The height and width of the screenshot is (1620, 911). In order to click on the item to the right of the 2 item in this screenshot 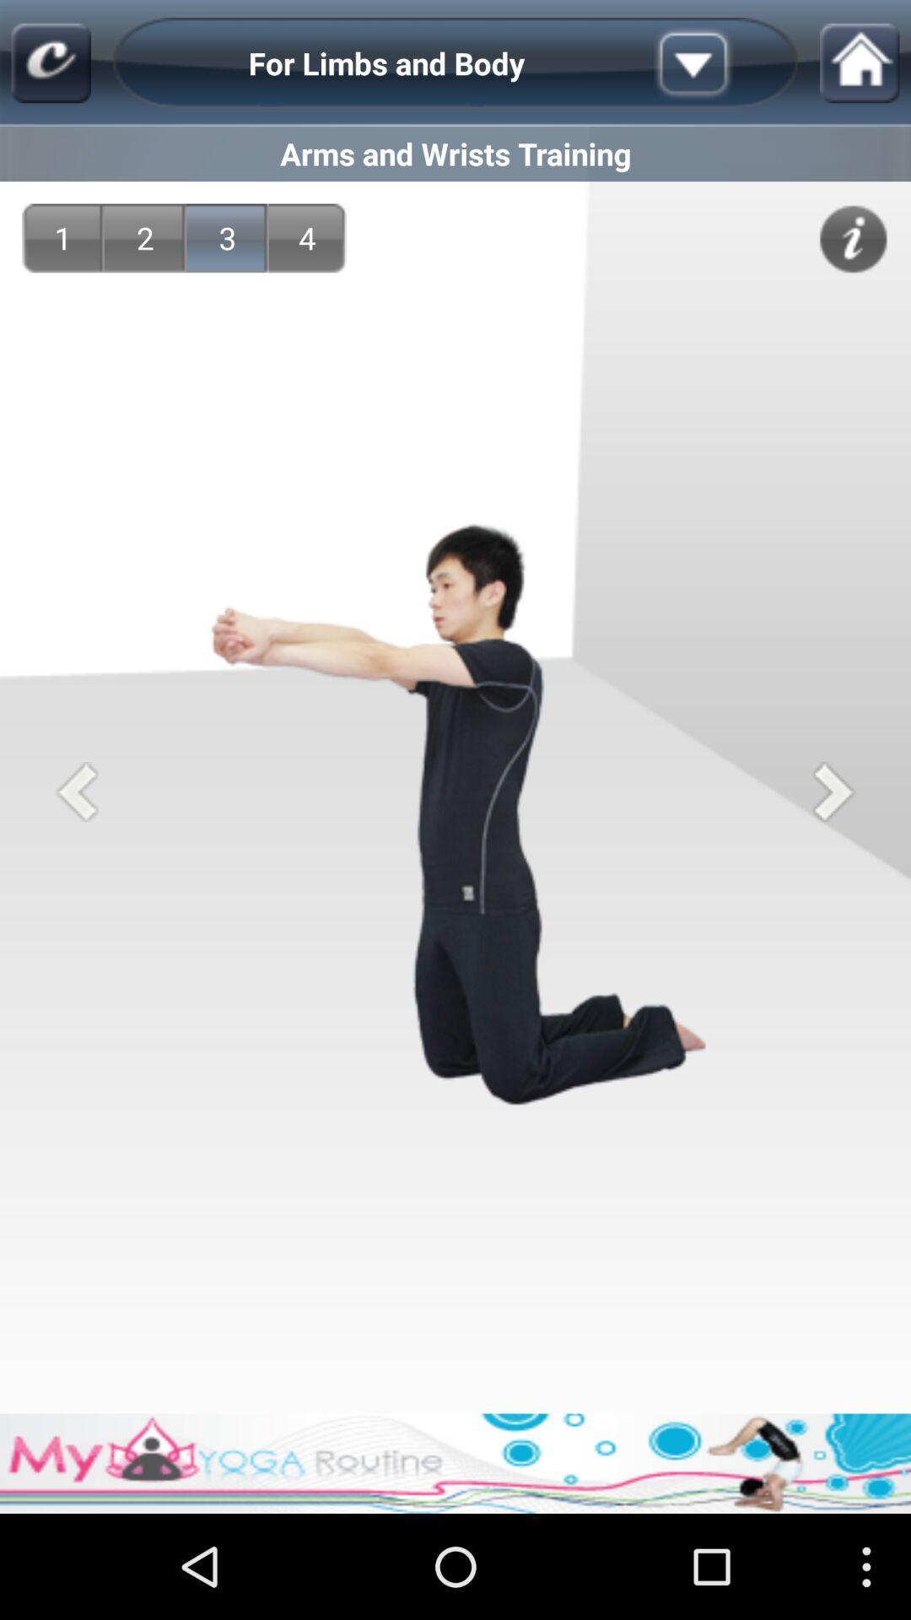, I will do `click(228, 237)`.